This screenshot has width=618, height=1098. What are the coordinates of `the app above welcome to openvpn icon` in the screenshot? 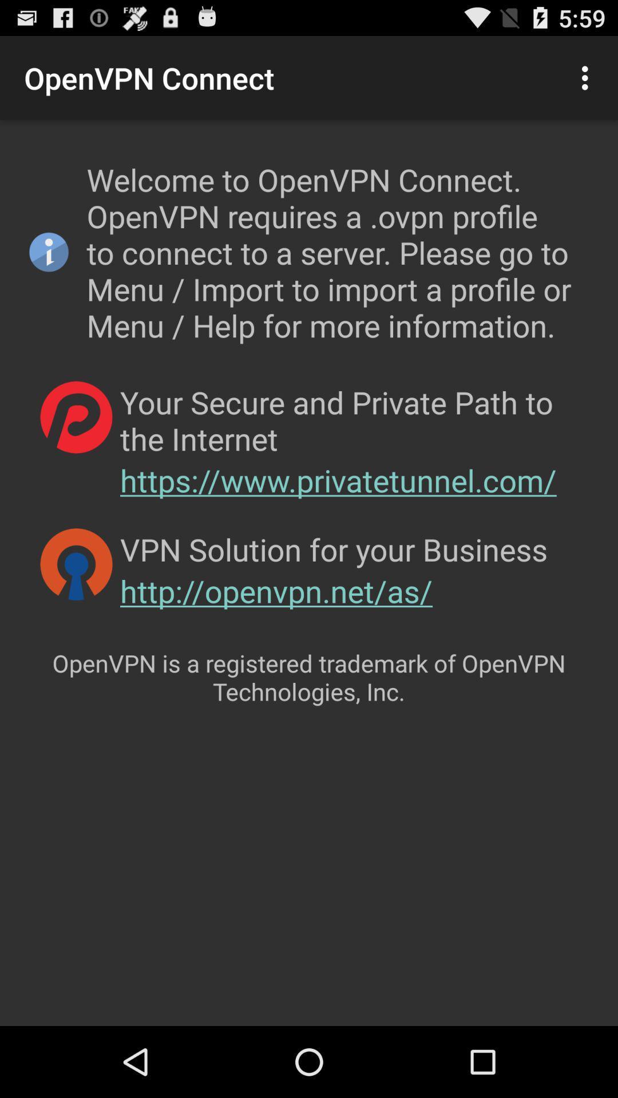 It's located at (588, 77).